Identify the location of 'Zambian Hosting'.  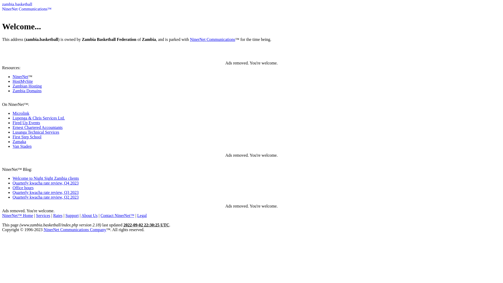
(27, 86).